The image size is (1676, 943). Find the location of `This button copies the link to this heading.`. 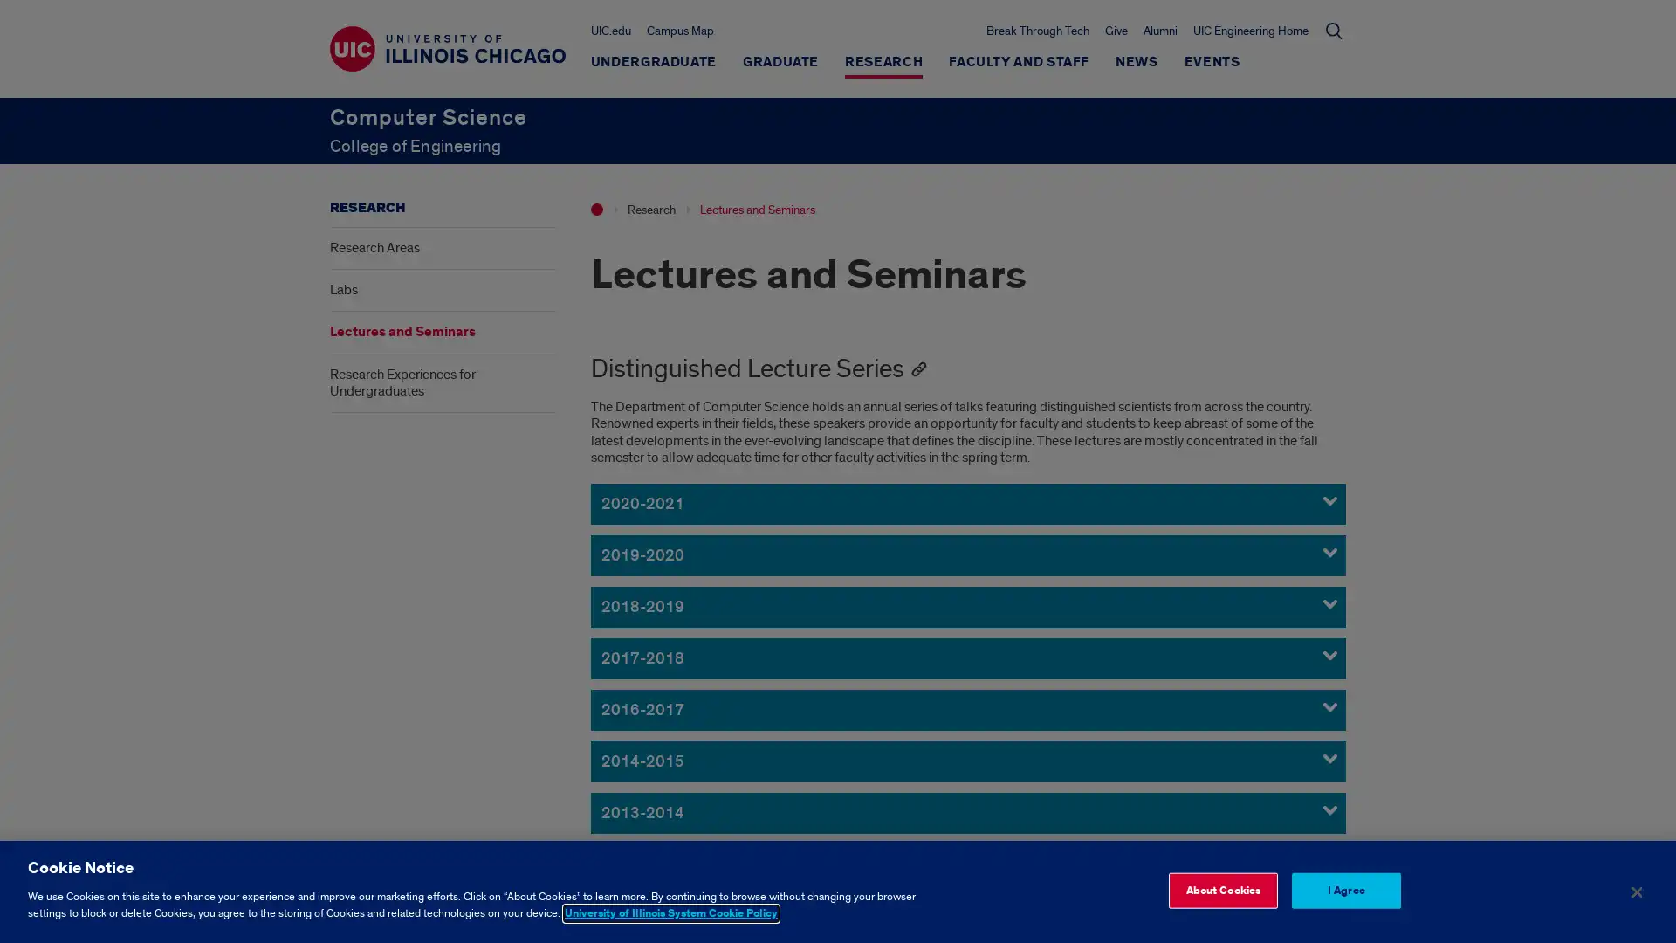

This button copies the link to this heading. is located at coordinates (917, 368).